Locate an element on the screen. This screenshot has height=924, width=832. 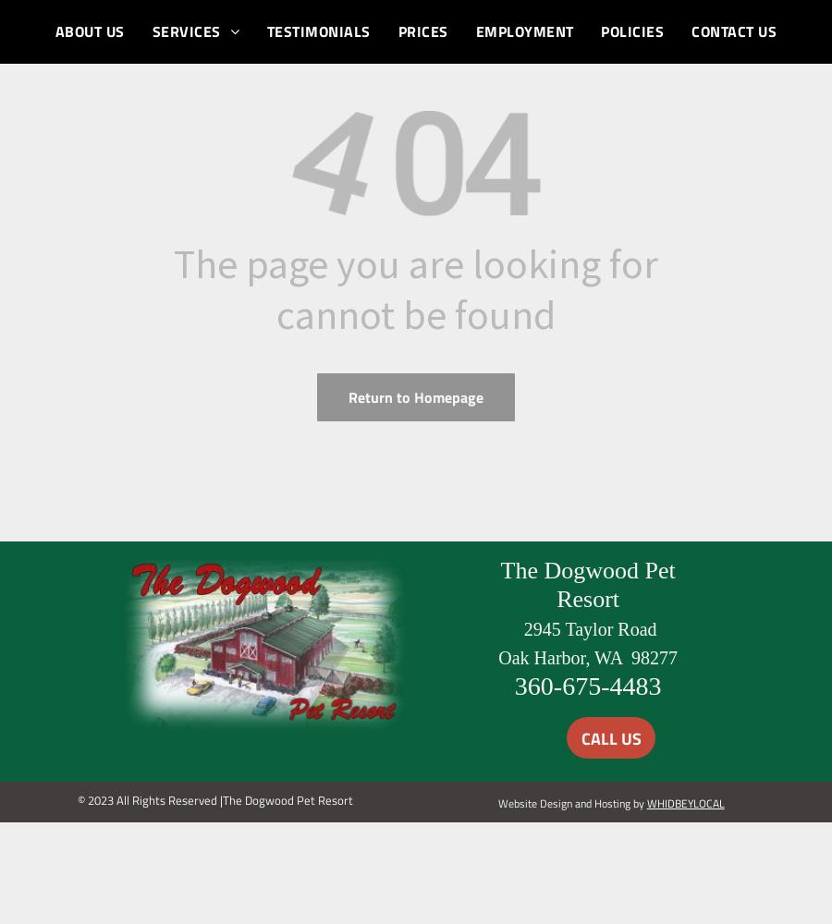
'CAT BOARDING' is located at coordinates (222, 162).